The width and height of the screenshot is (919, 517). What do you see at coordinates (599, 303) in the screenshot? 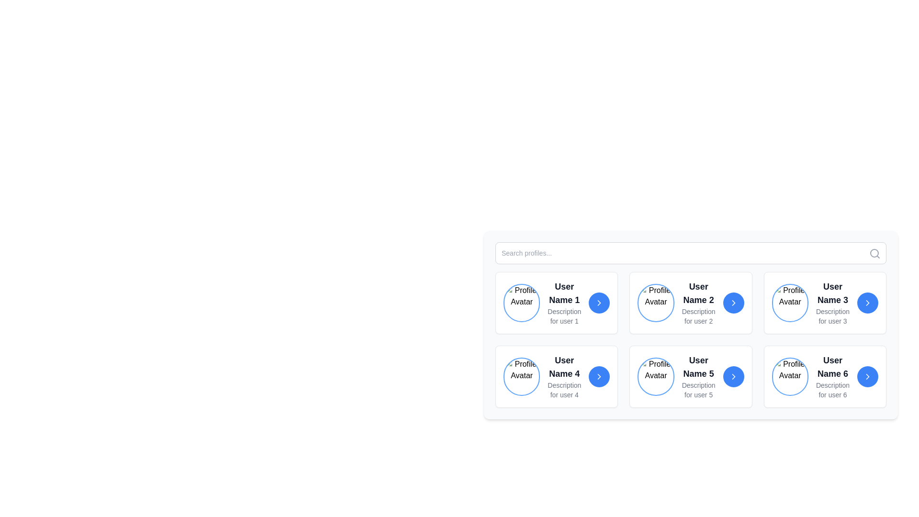
I see `the chevron-right arrow icon located within the user profile card for 'User Name 1'` at bounding box center [599, 303].